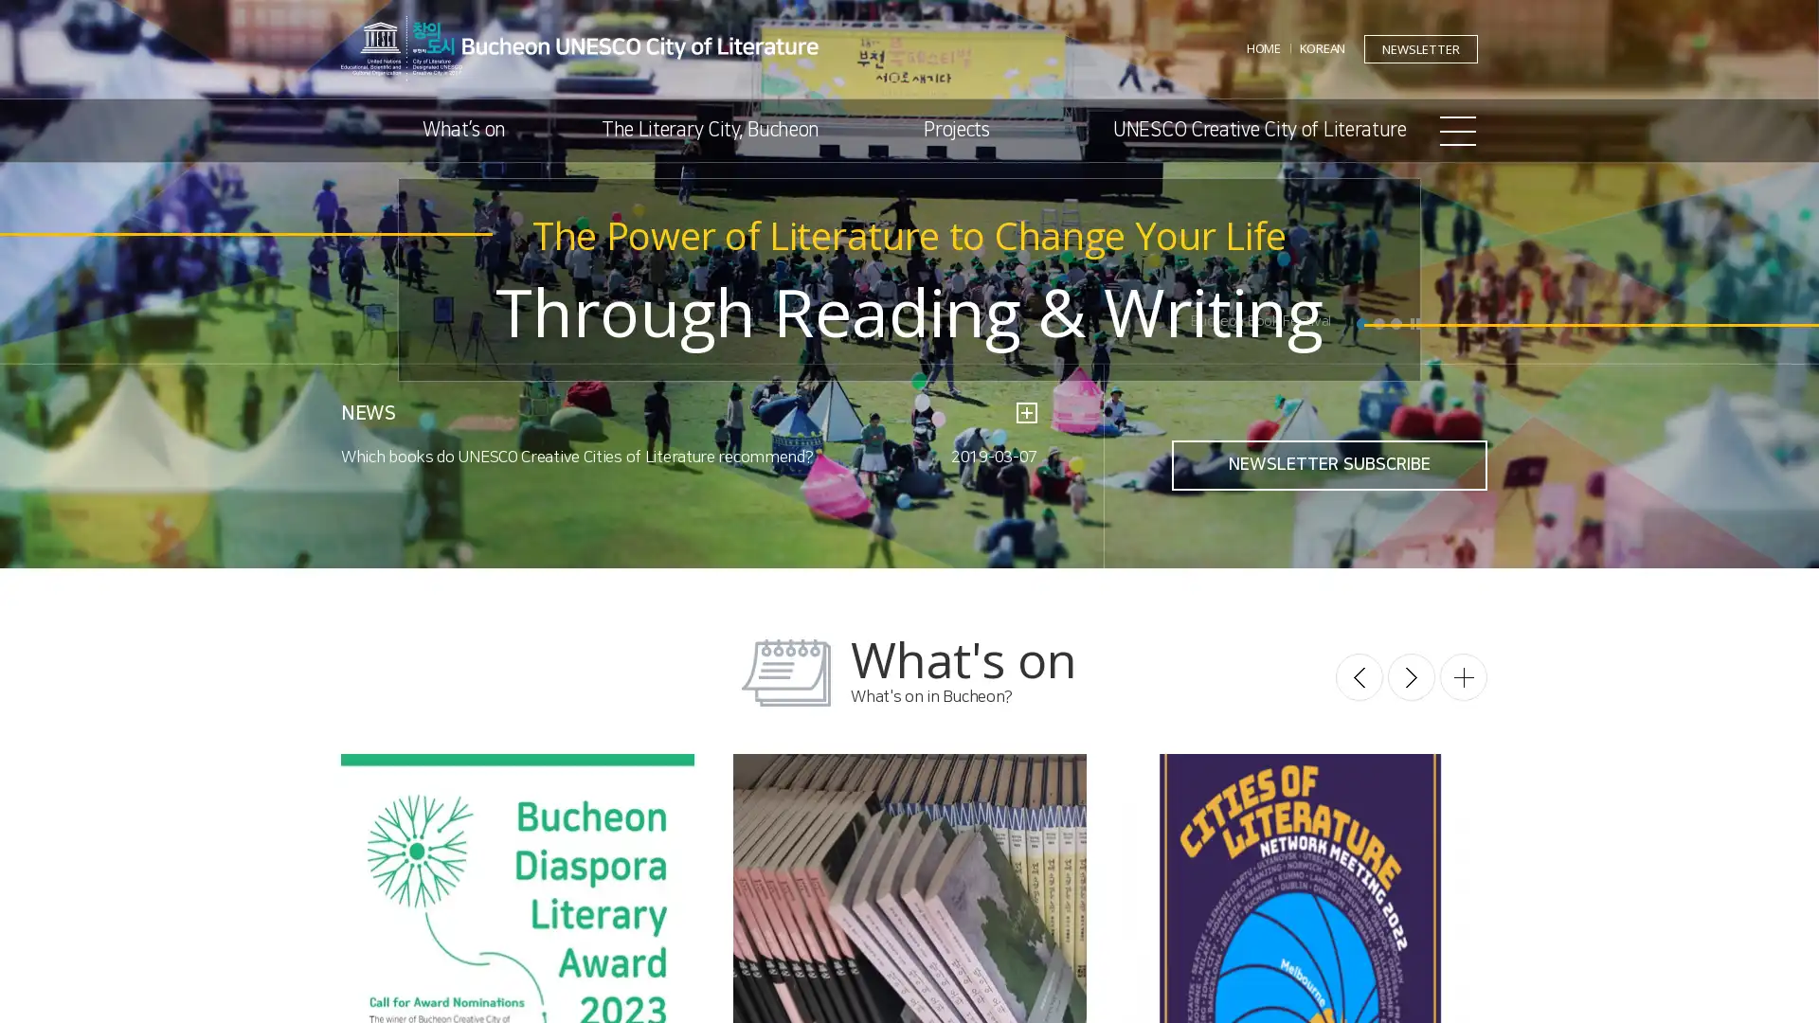  What do you see at coordinates (1420, 47) in the screenshot?
I see `NEWSLETTER` at bounding box center [1420, 47].